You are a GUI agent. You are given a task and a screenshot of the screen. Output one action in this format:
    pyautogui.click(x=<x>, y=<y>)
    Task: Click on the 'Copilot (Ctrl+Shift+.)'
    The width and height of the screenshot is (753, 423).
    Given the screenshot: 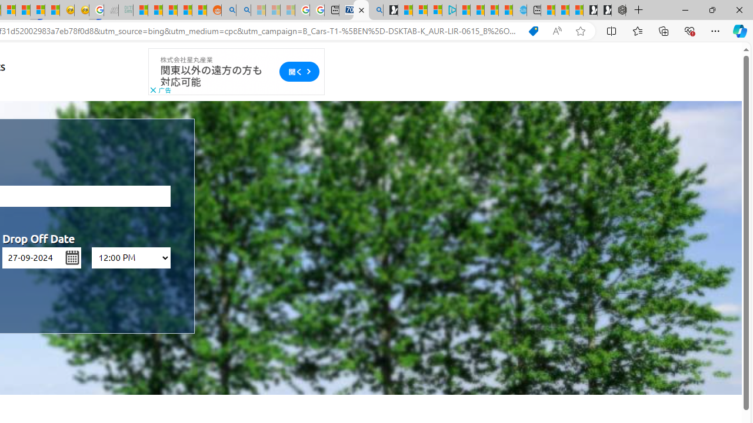 What is the action you would take?
    pyautogui.click(x=739, y=30)
    